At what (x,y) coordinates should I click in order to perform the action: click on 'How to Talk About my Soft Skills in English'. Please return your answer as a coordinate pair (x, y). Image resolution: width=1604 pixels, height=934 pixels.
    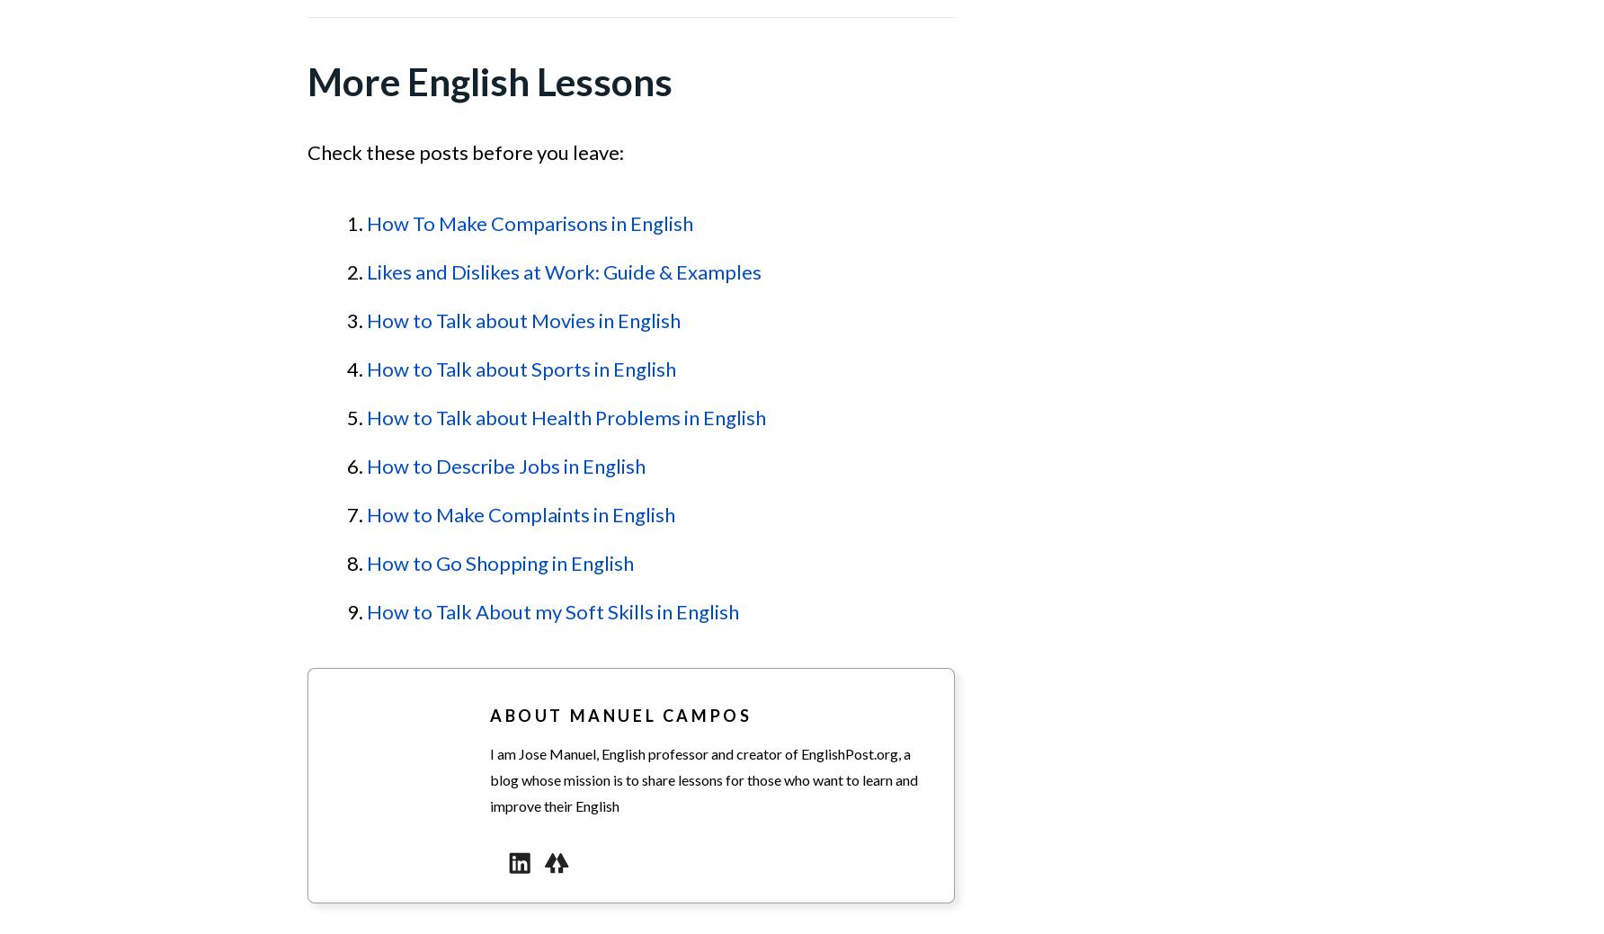
    Looking at the image, I should click on (551, 611).